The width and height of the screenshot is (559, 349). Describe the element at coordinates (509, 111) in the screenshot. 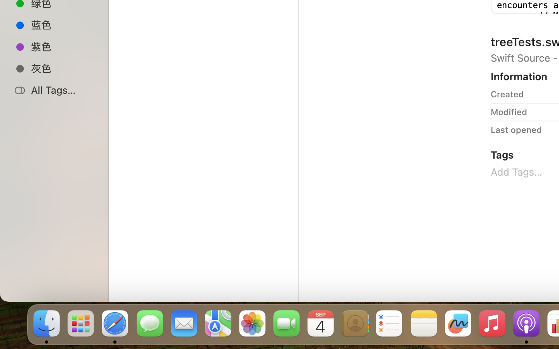

I see `'Modified'` at that location.